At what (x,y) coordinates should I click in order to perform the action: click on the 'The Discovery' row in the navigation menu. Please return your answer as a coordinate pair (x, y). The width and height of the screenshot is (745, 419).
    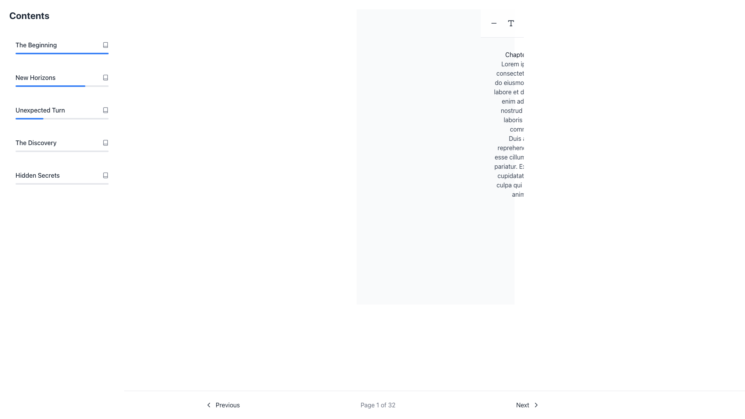
    Looking at the image, I should click on (61, 142).